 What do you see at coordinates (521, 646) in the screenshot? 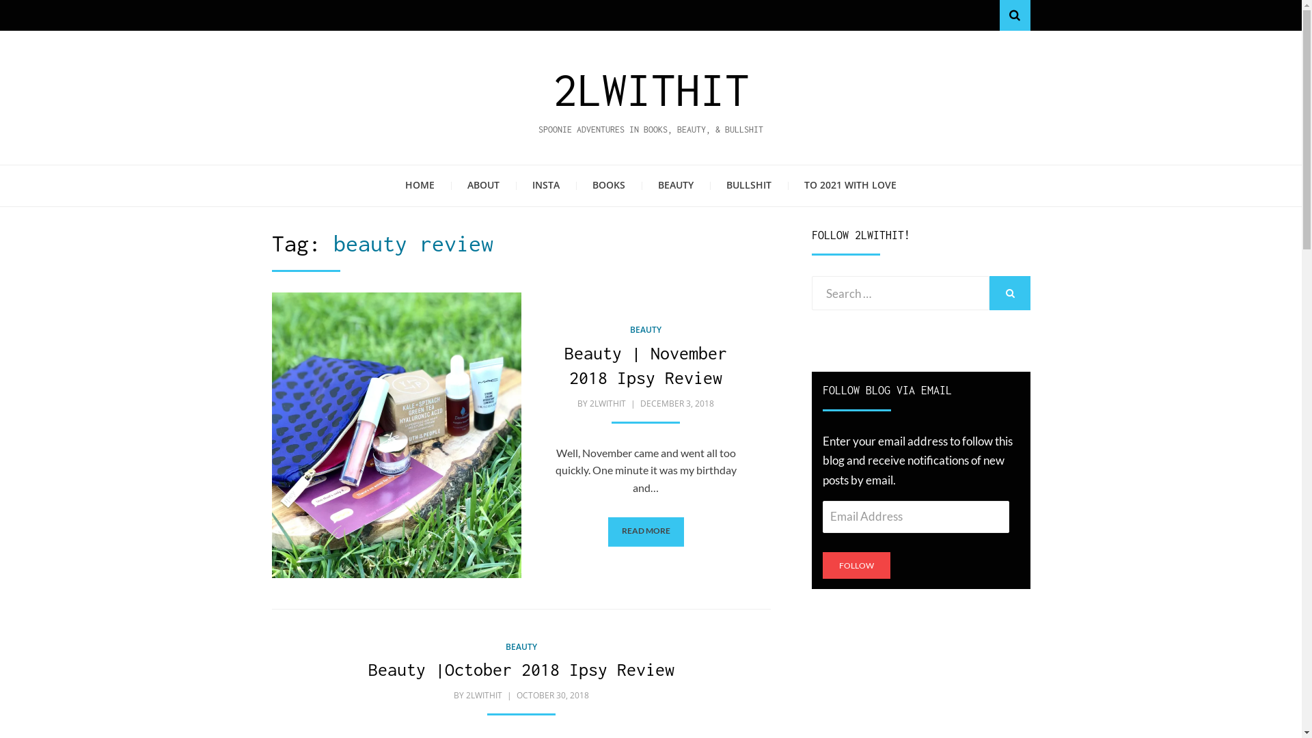
I see `'BEAUTY'` at bounding box center [521, 646].